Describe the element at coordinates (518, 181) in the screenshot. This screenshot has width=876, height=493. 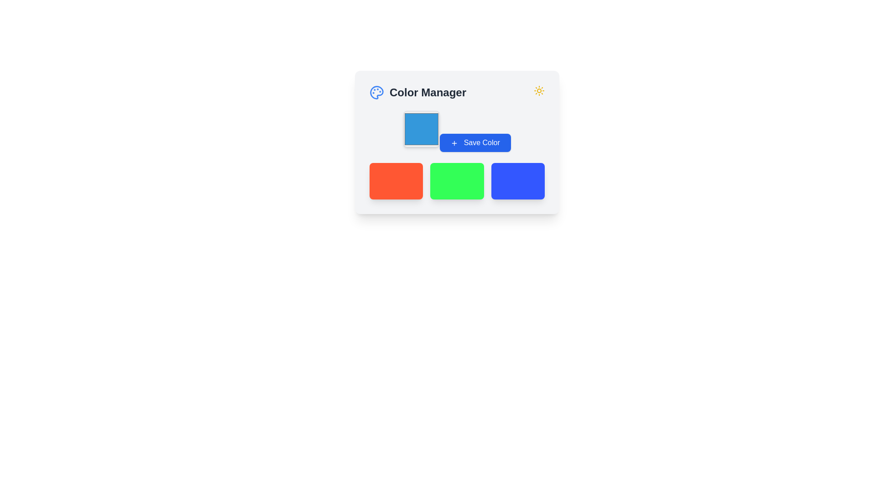
I see `the third rectangular box with a blue background color, which has rounded corners and a shadow effect, located in a grid layout` at that location.